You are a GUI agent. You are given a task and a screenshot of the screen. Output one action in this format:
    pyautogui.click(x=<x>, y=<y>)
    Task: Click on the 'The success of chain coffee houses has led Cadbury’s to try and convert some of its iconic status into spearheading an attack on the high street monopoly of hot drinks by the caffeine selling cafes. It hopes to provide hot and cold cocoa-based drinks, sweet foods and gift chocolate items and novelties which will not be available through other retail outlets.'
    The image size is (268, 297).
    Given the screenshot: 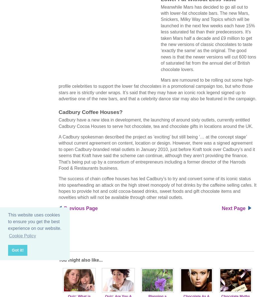 What is the action you would take?
    pyautogui.click(x=157, y=188)
    